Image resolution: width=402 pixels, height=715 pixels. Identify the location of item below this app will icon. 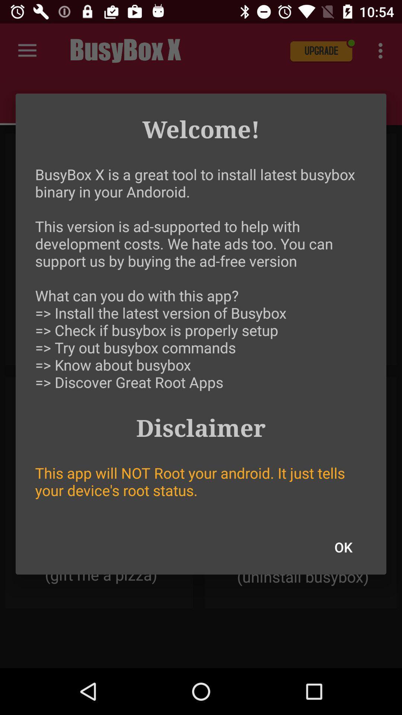
(343, 547).